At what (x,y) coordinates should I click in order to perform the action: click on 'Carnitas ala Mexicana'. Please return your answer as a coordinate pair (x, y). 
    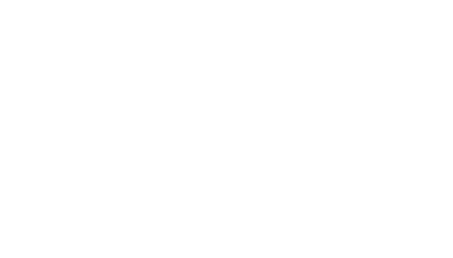
    Looking at the image, I should click on (113, 24).